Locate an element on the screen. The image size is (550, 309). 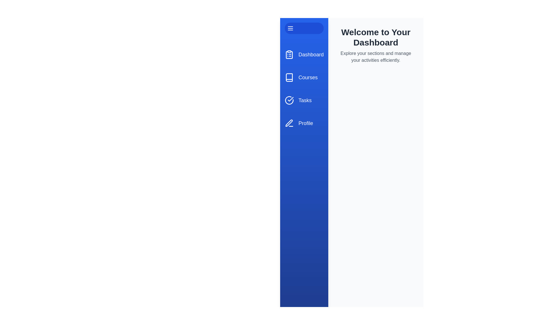
the toggle button to change the drawer's state is located at coordinates (304, 28).